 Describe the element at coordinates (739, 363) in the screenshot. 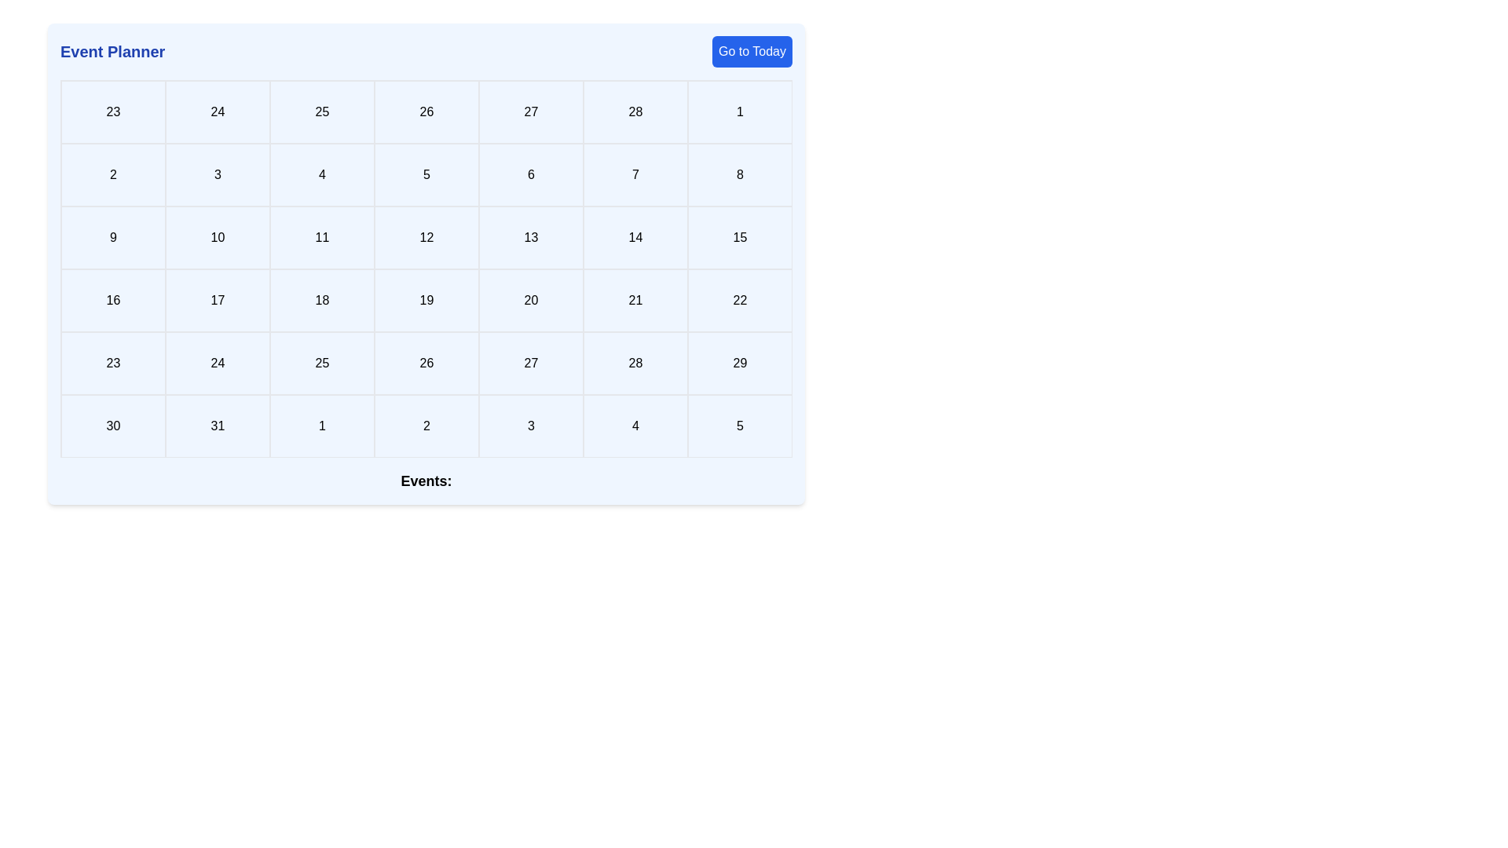

I see `the calendar grid cell displaying the number '29'` at that location.